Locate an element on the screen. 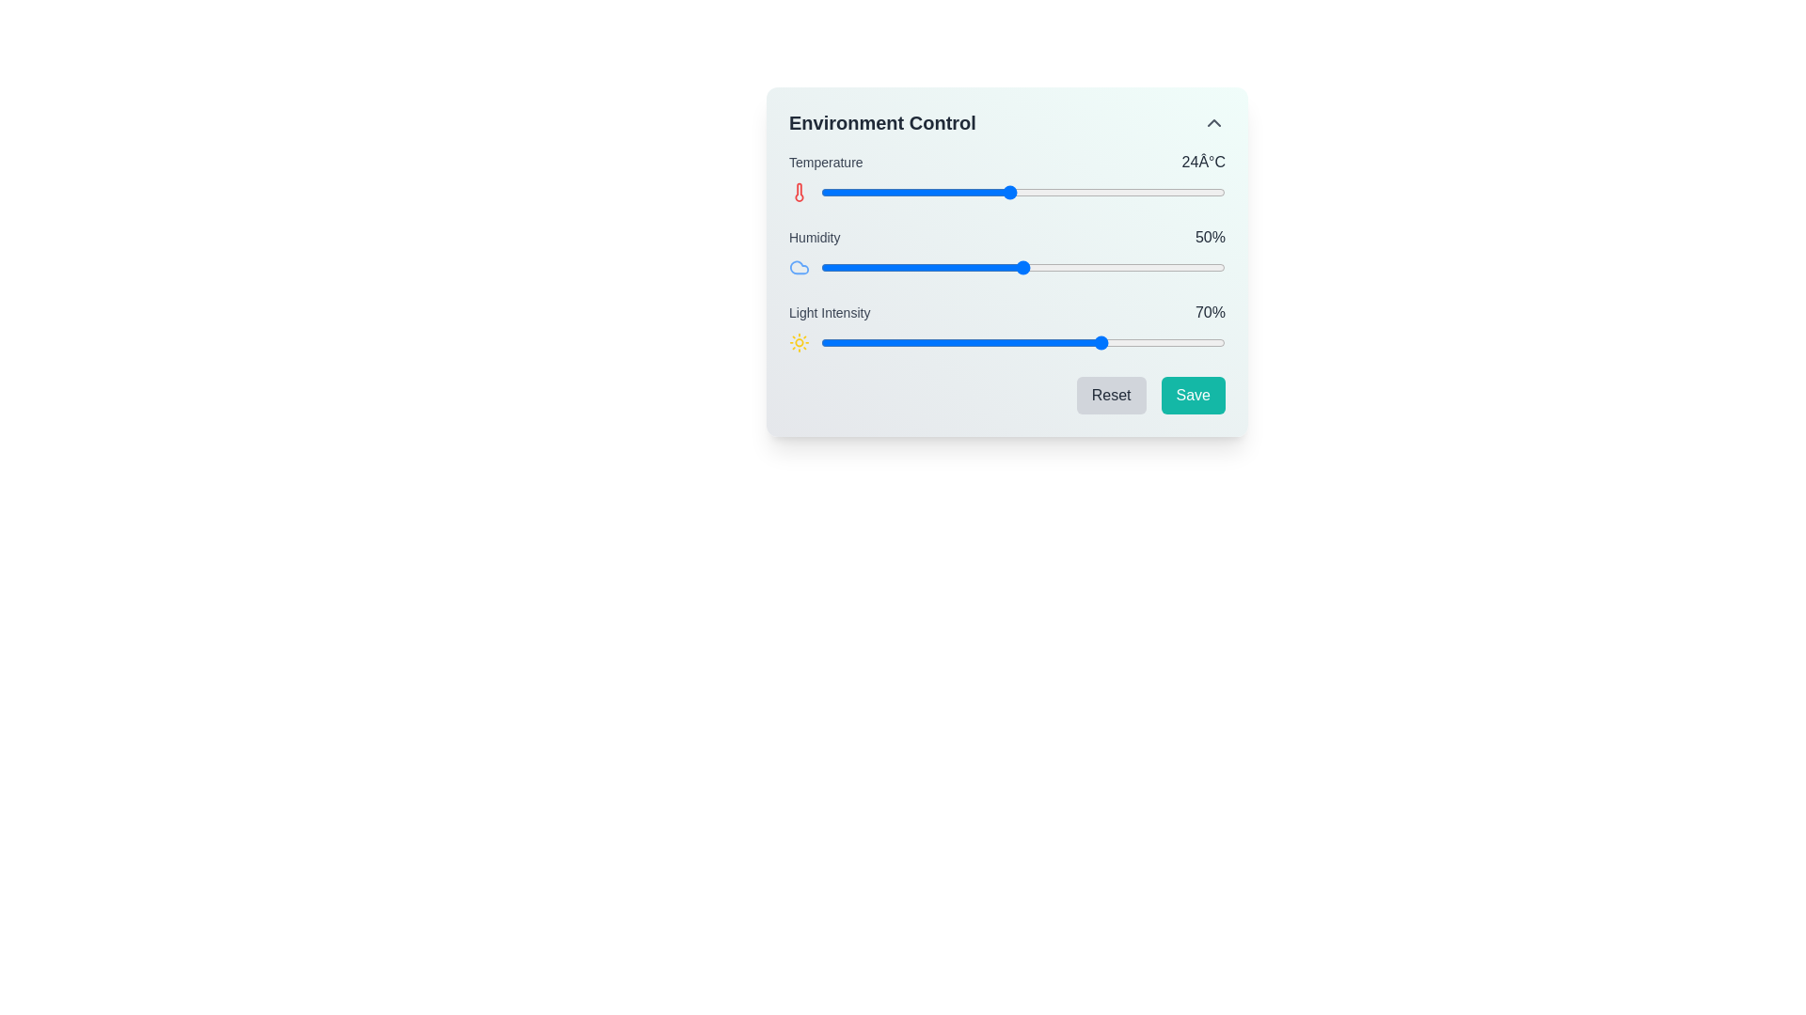 This screenshot has width=1806, height=1015. the text label displaying 'Environment Control', which is positioned at the top-left corner of its panel and serves as a prominent title or heading is located at coordinates (881, 123).